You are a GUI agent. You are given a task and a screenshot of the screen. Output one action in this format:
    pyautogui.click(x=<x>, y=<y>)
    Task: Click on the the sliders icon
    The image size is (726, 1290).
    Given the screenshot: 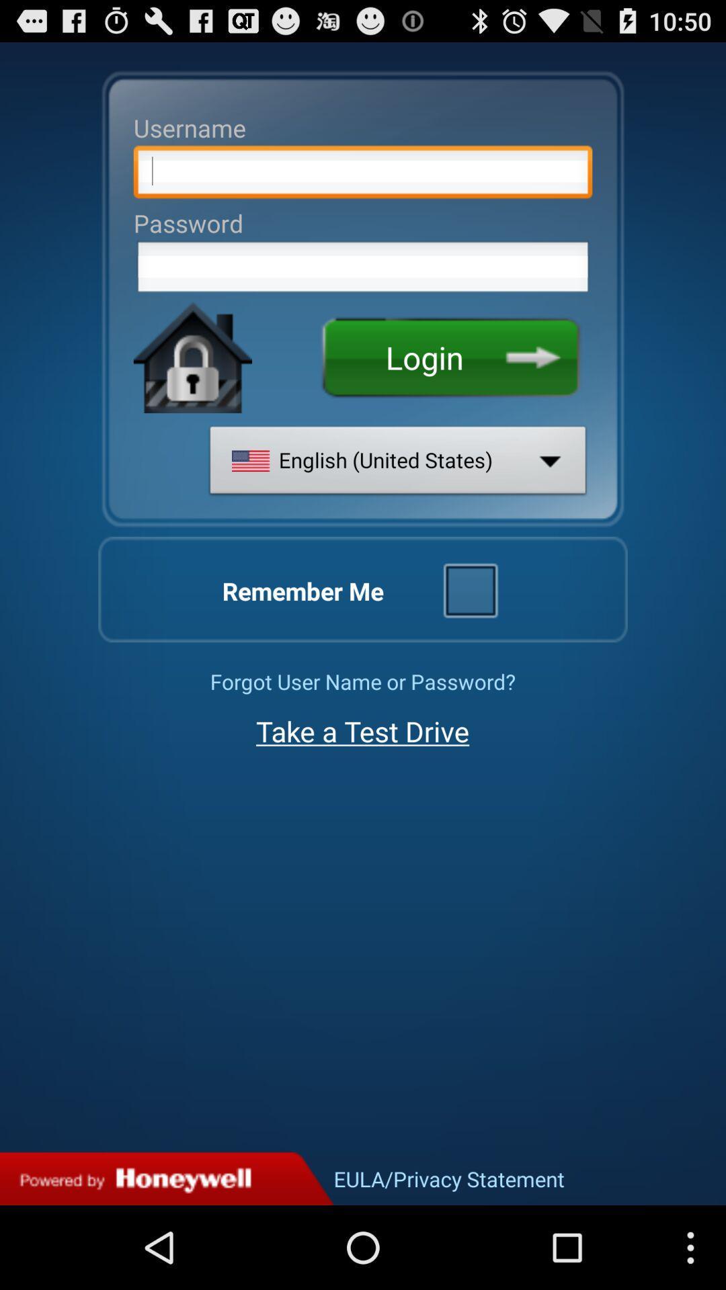 What is the action you would take?
    pyautogui.click(x=166, y=1260)
    